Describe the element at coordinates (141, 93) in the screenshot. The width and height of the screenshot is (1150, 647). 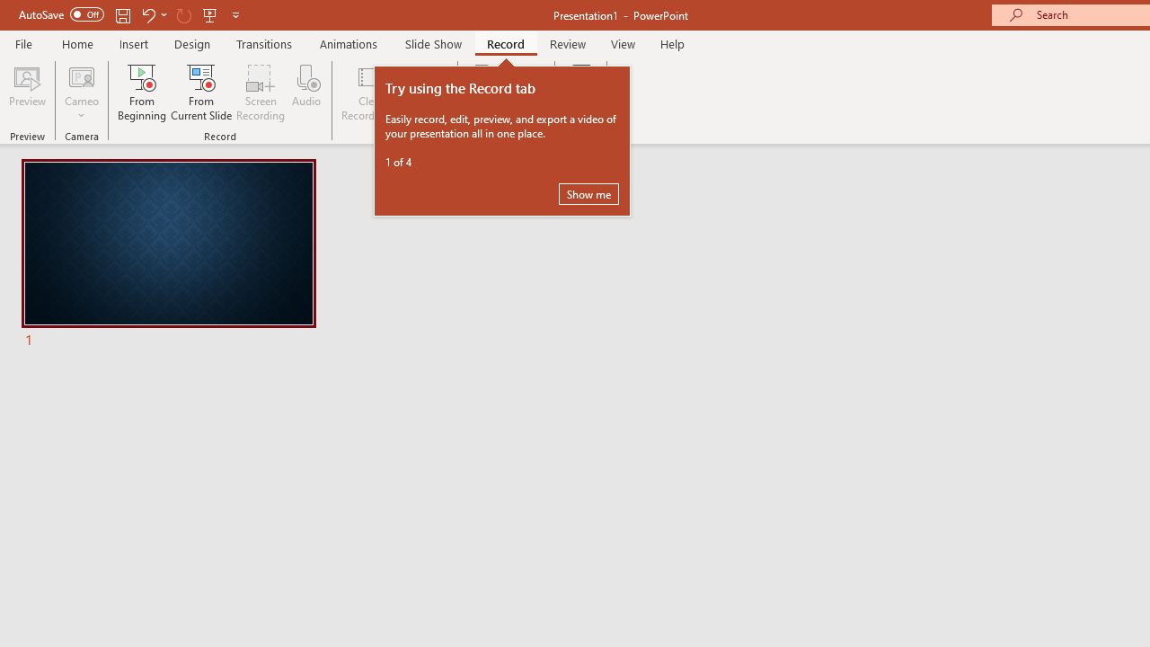
I see `'From Beginning...'` at that location.